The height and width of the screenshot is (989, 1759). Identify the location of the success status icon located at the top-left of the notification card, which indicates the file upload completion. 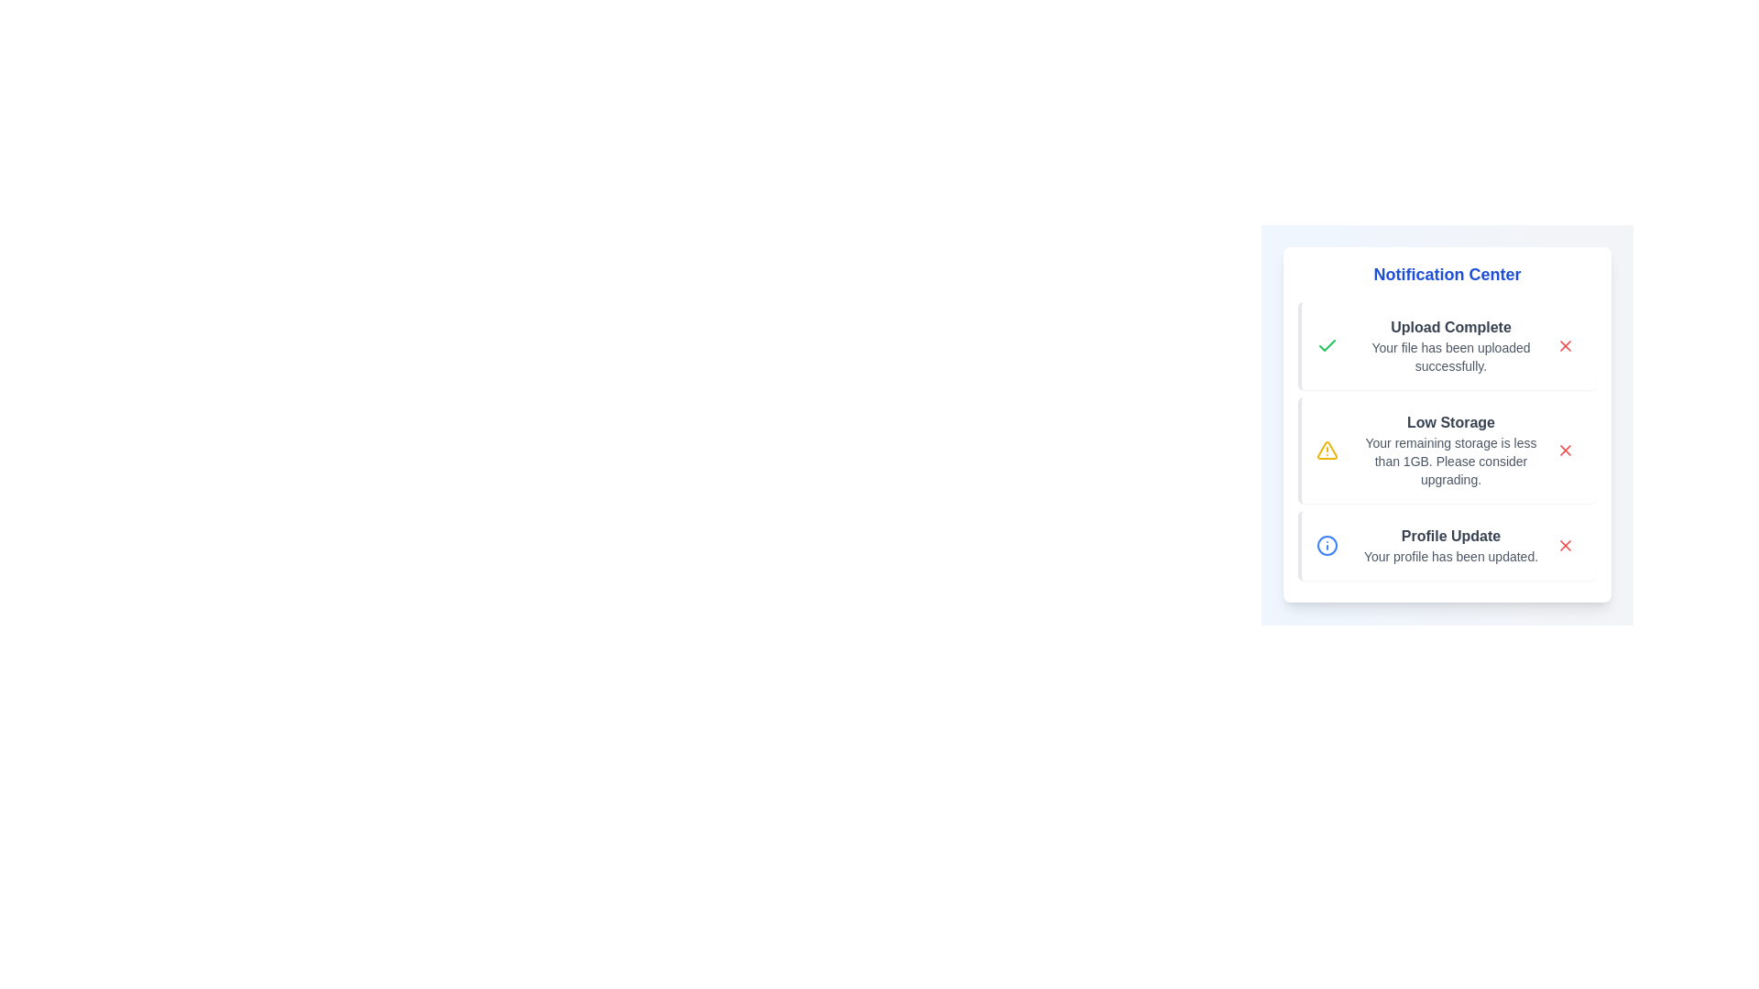
(1327, 346).